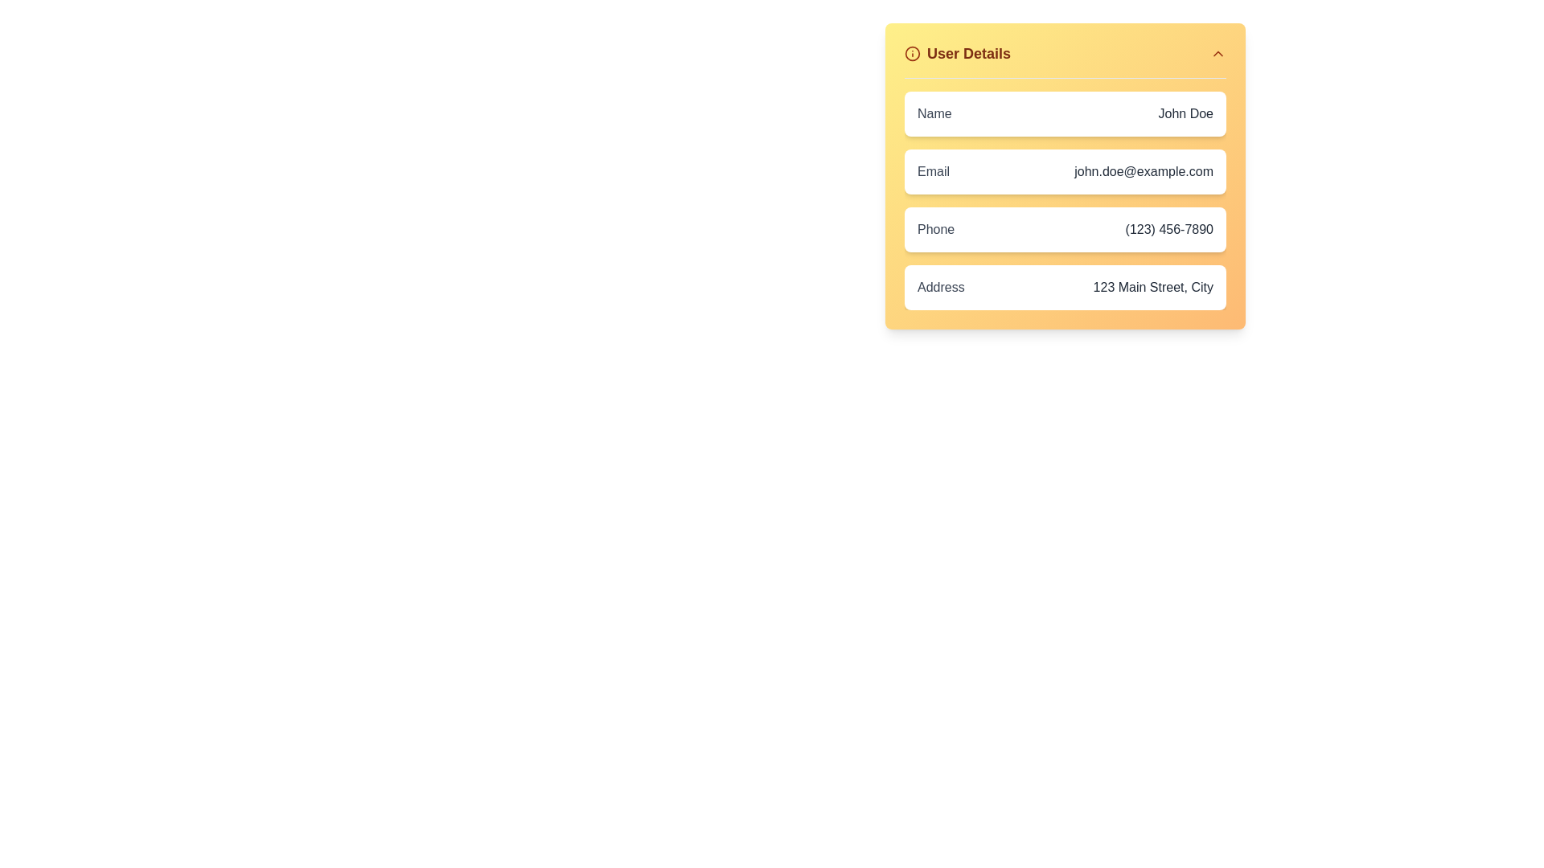 This screenshot has height=868, width=1544. Describe the element at coordinates (1065, 113) in the screenshot. I see `the 'Name' display element in the 'User Details' section, which shows the user's name` at that location.